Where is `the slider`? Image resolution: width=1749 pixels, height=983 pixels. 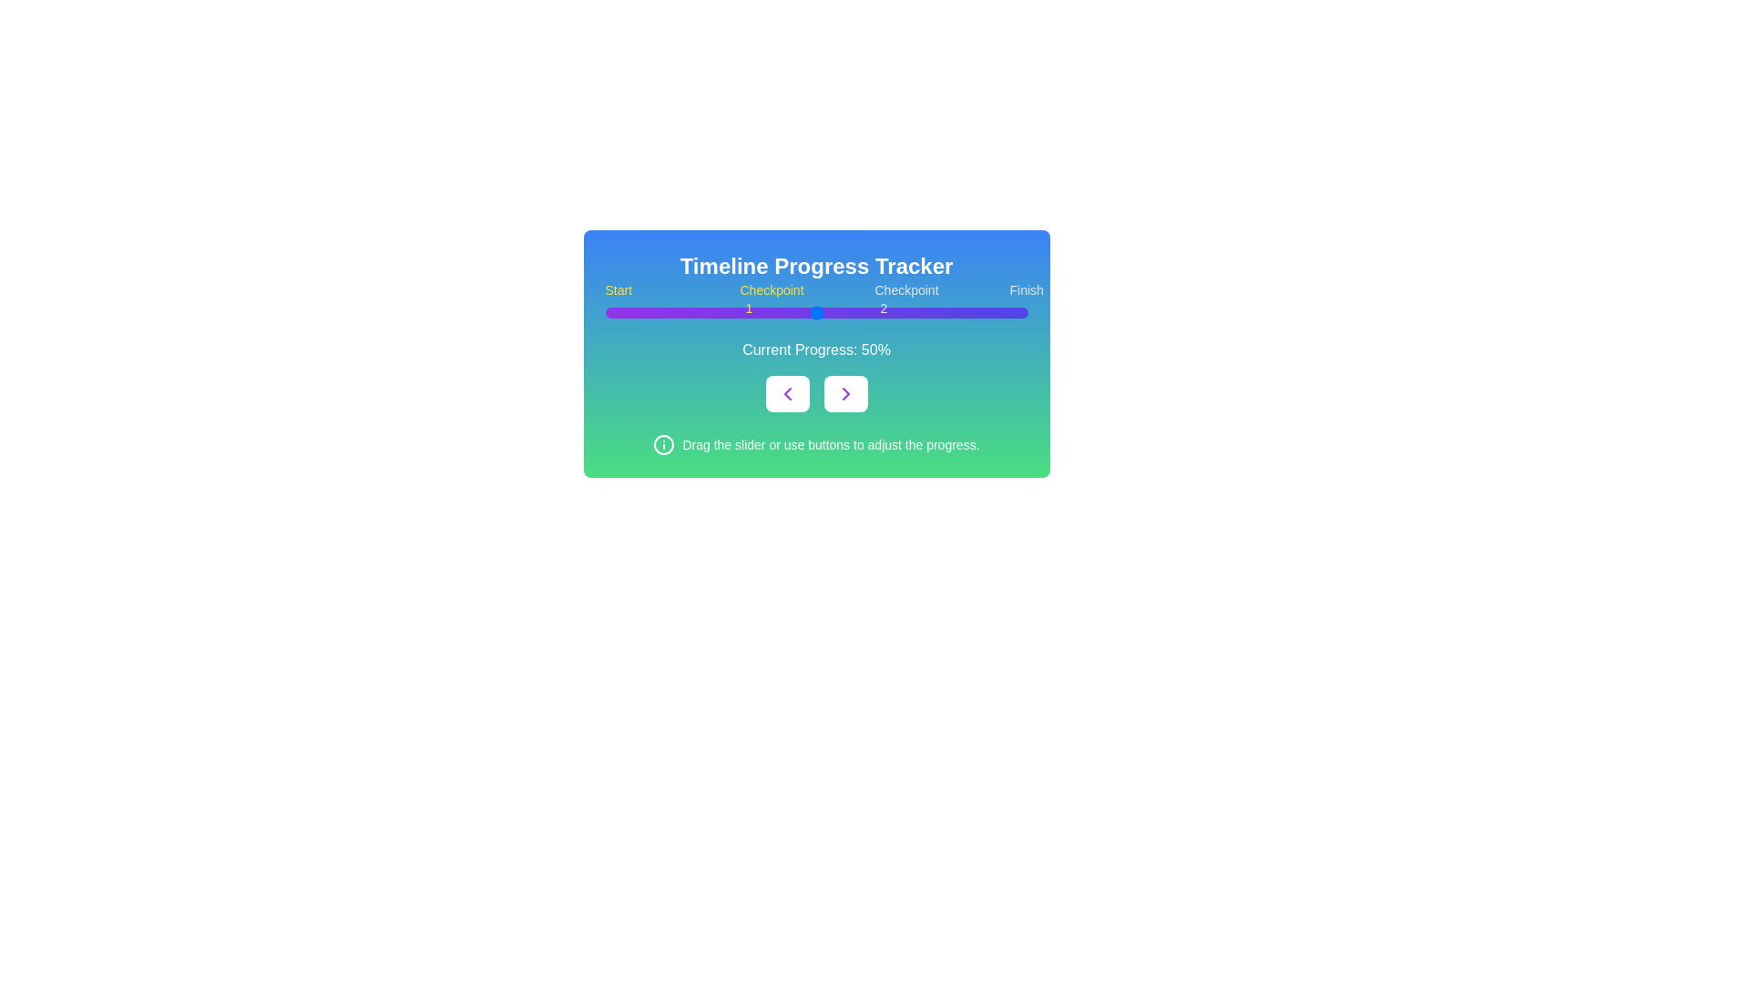 the slider is located at coordinates (823, 311).